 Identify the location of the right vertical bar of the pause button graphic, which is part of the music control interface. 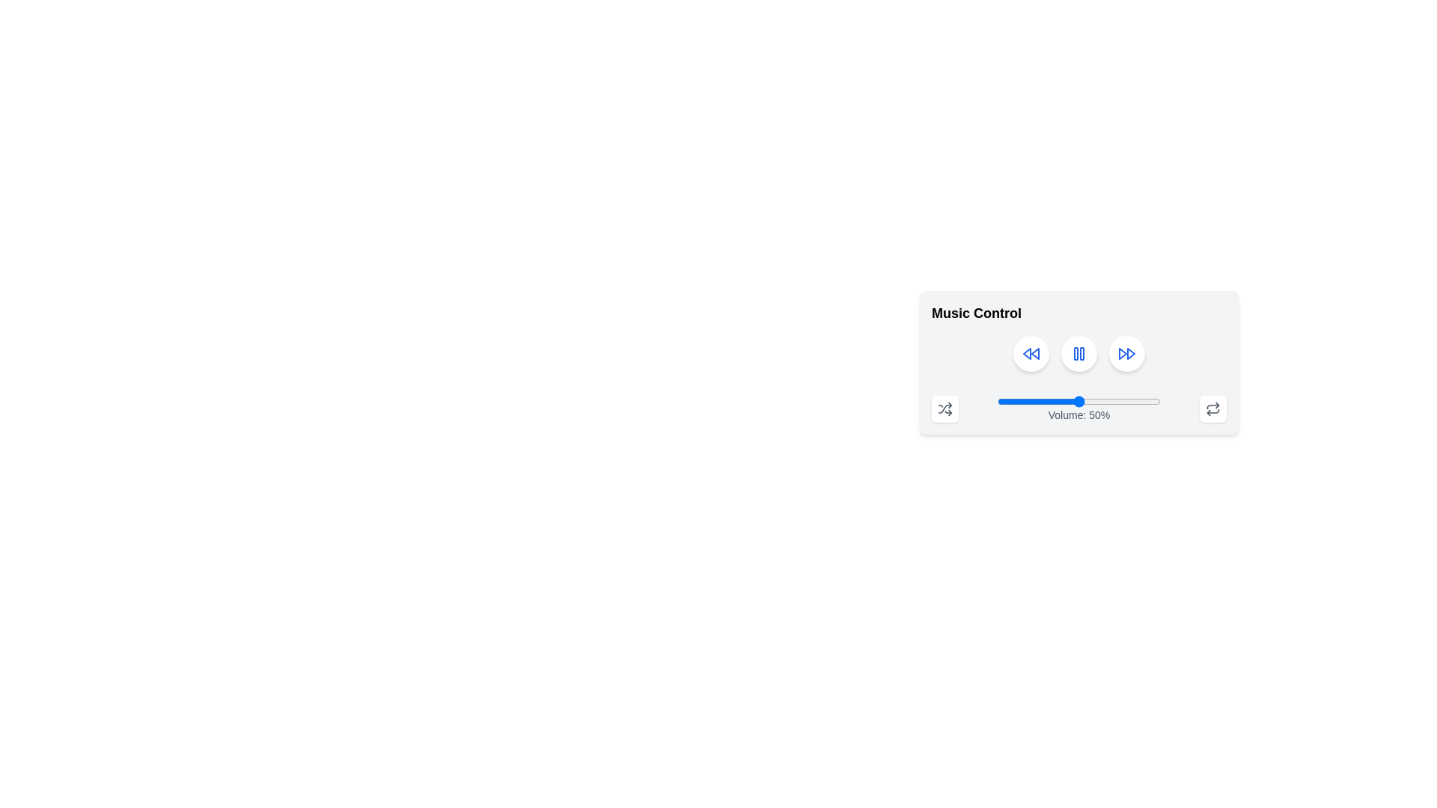
(1081, 354).